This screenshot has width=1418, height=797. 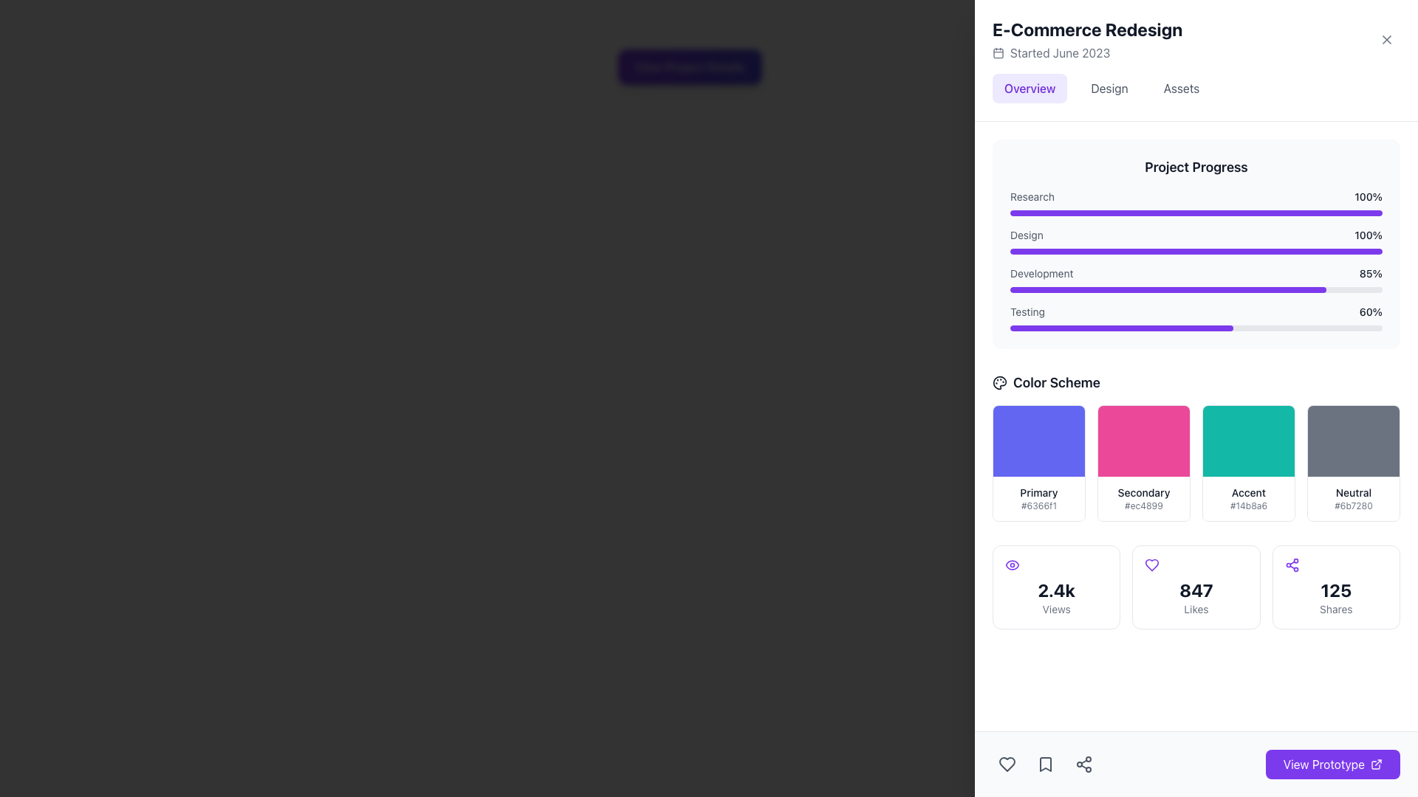 What do you see at coordinates (1368, 196) in the screenshot?
I see `the text label reading '100%' at the end of the 'Research' progress bar in the 'Project Progress' section` at bounding box center [1368, 196].